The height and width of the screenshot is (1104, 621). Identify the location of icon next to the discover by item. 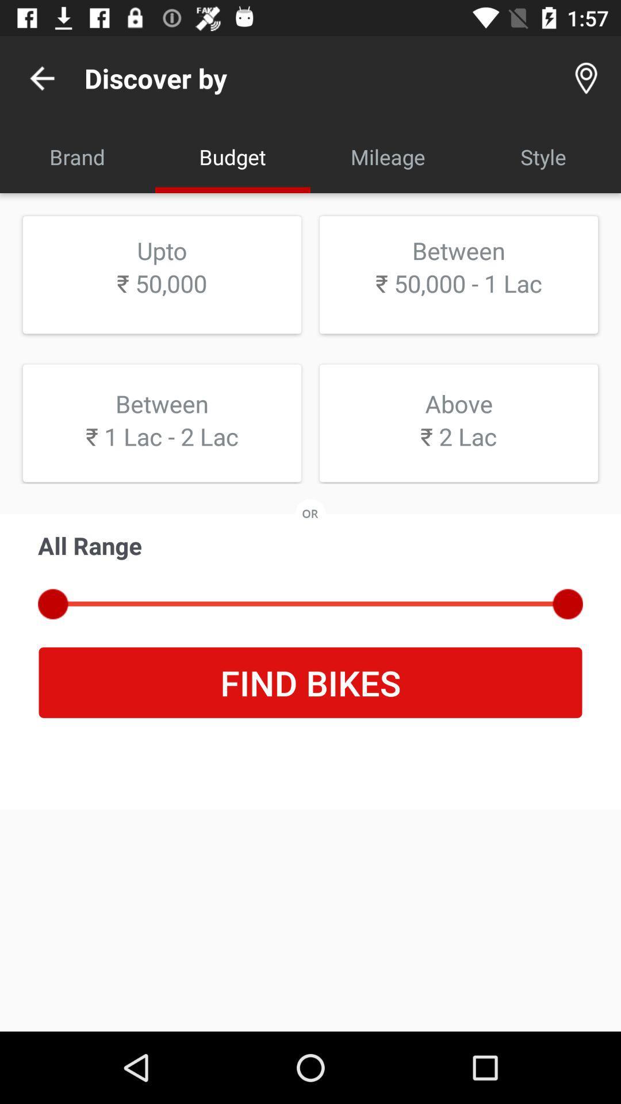
(41, 78).